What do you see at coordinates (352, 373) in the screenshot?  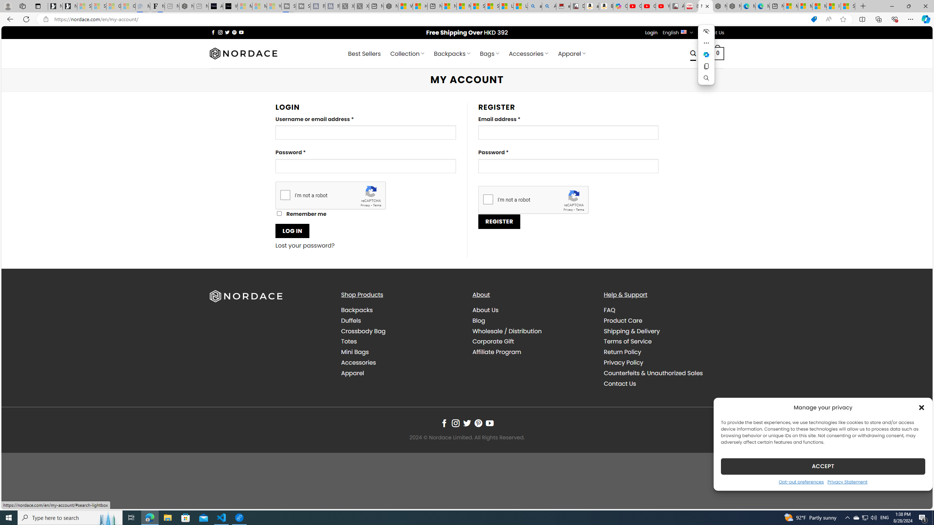 I see `'Apparel'` at bounding box center [352, 373].